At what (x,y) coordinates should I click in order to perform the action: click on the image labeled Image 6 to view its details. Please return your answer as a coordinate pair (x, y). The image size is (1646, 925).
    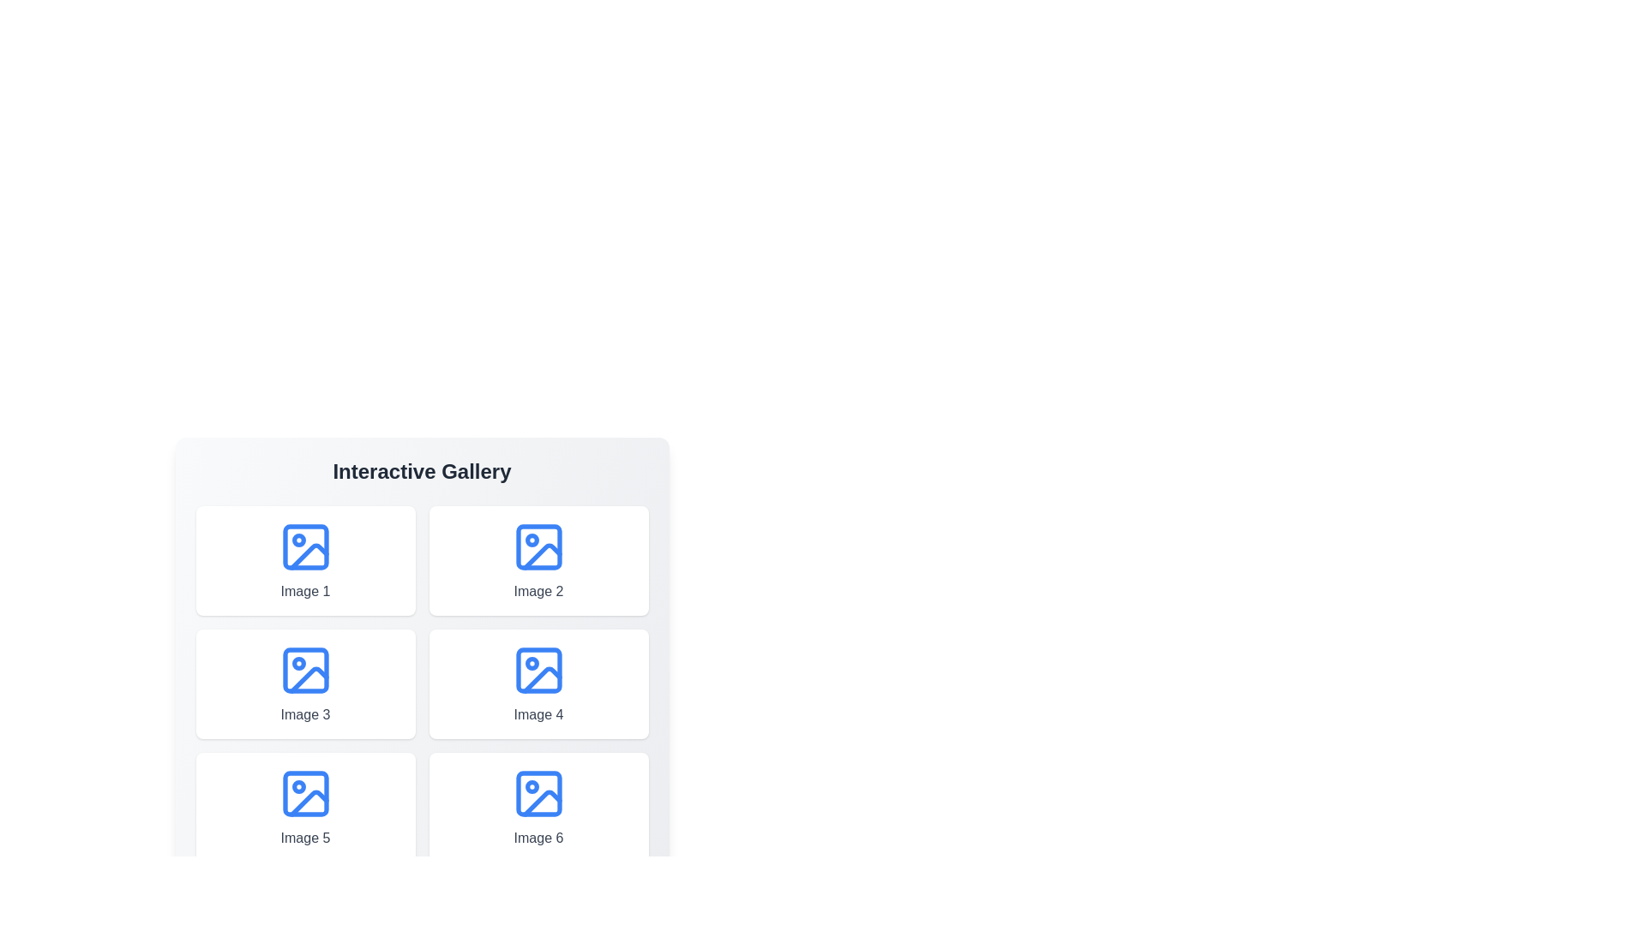
    Looking at the image, I should click on (538, 807).